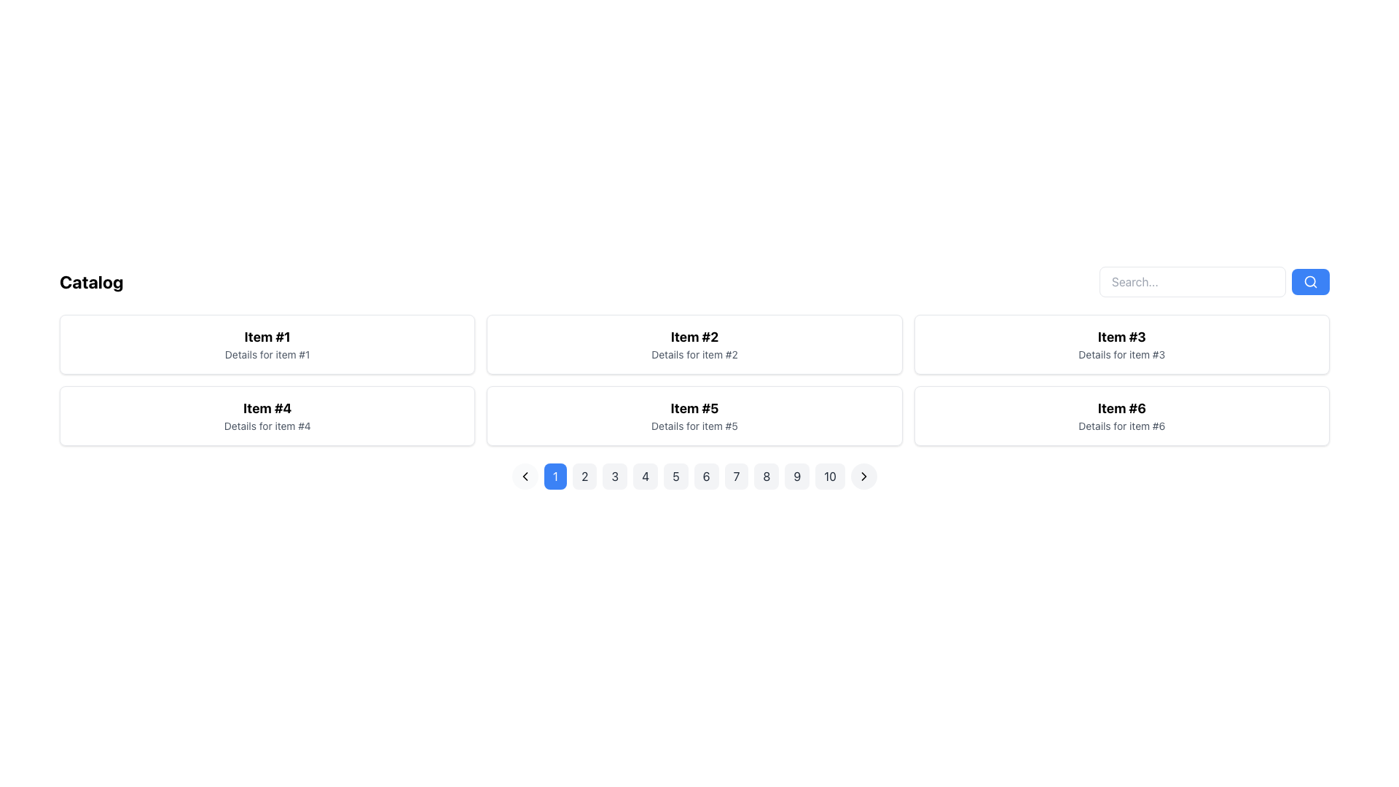  What do you see at coordinates (645, 477) in the screenshot?
I see `the fourth button in the pagination component that navigates to the fourth page of the displayed content` at bounding box center [645, 477].